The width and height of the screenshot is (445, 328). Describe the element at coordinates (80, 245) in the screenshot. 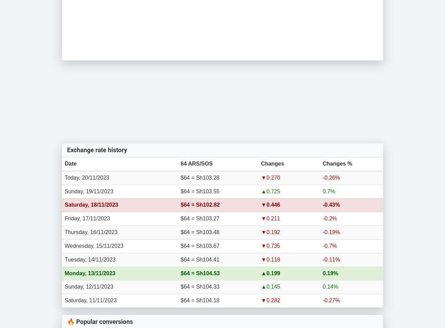

I see `'Wednesday,'` at that location.